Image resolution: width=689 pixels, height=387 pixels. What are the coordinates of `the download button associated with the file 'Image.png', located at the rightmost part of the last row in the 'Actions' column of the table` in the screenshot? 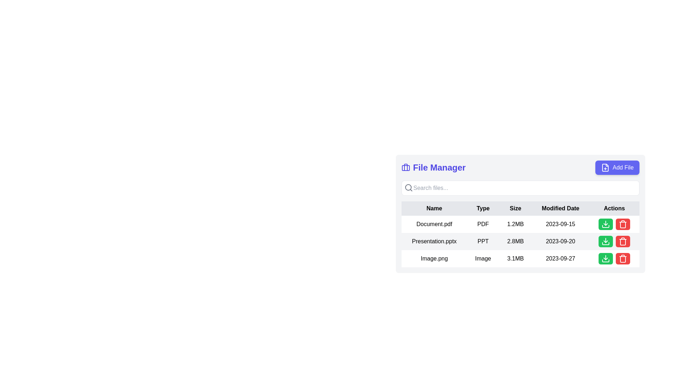 It's located at (605, 258).